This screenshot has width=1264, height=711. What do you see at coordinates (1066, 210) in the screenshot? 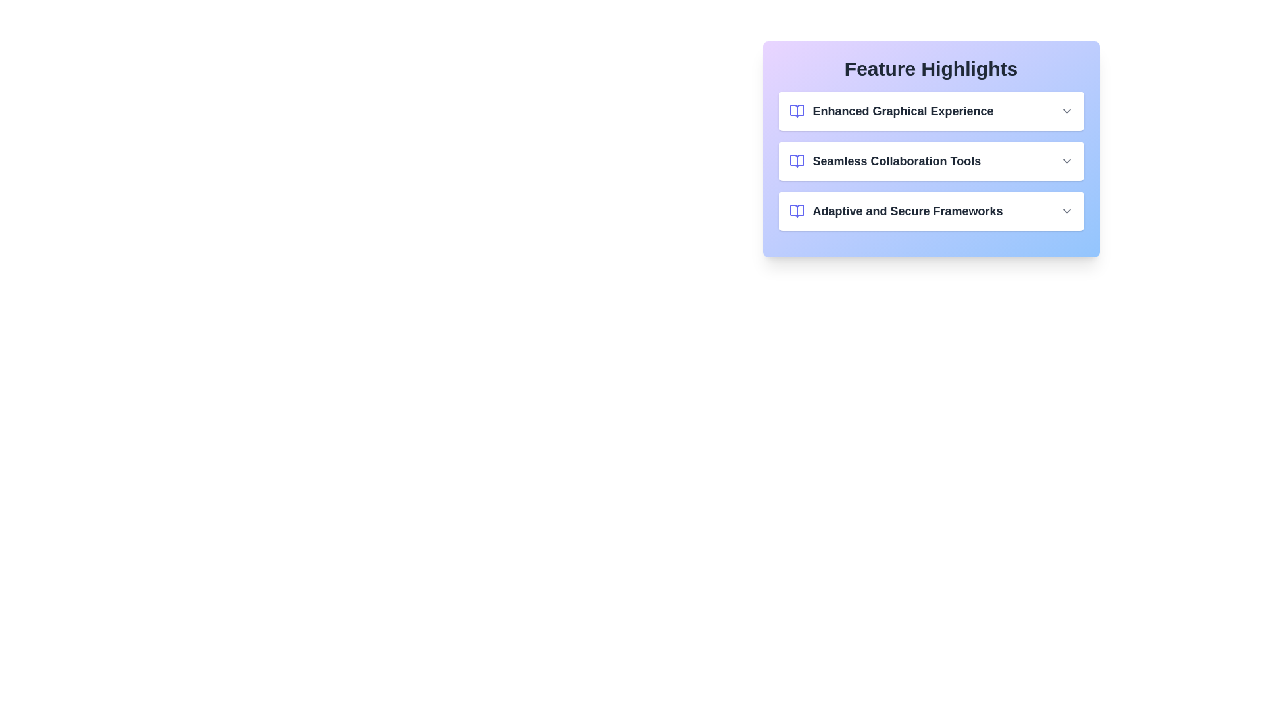
I see `the Dropdown indicator icon next to 'Adaptive and Secure Frameworks' in the third row of the feature highlights list` at bounding box center [1066, 210].